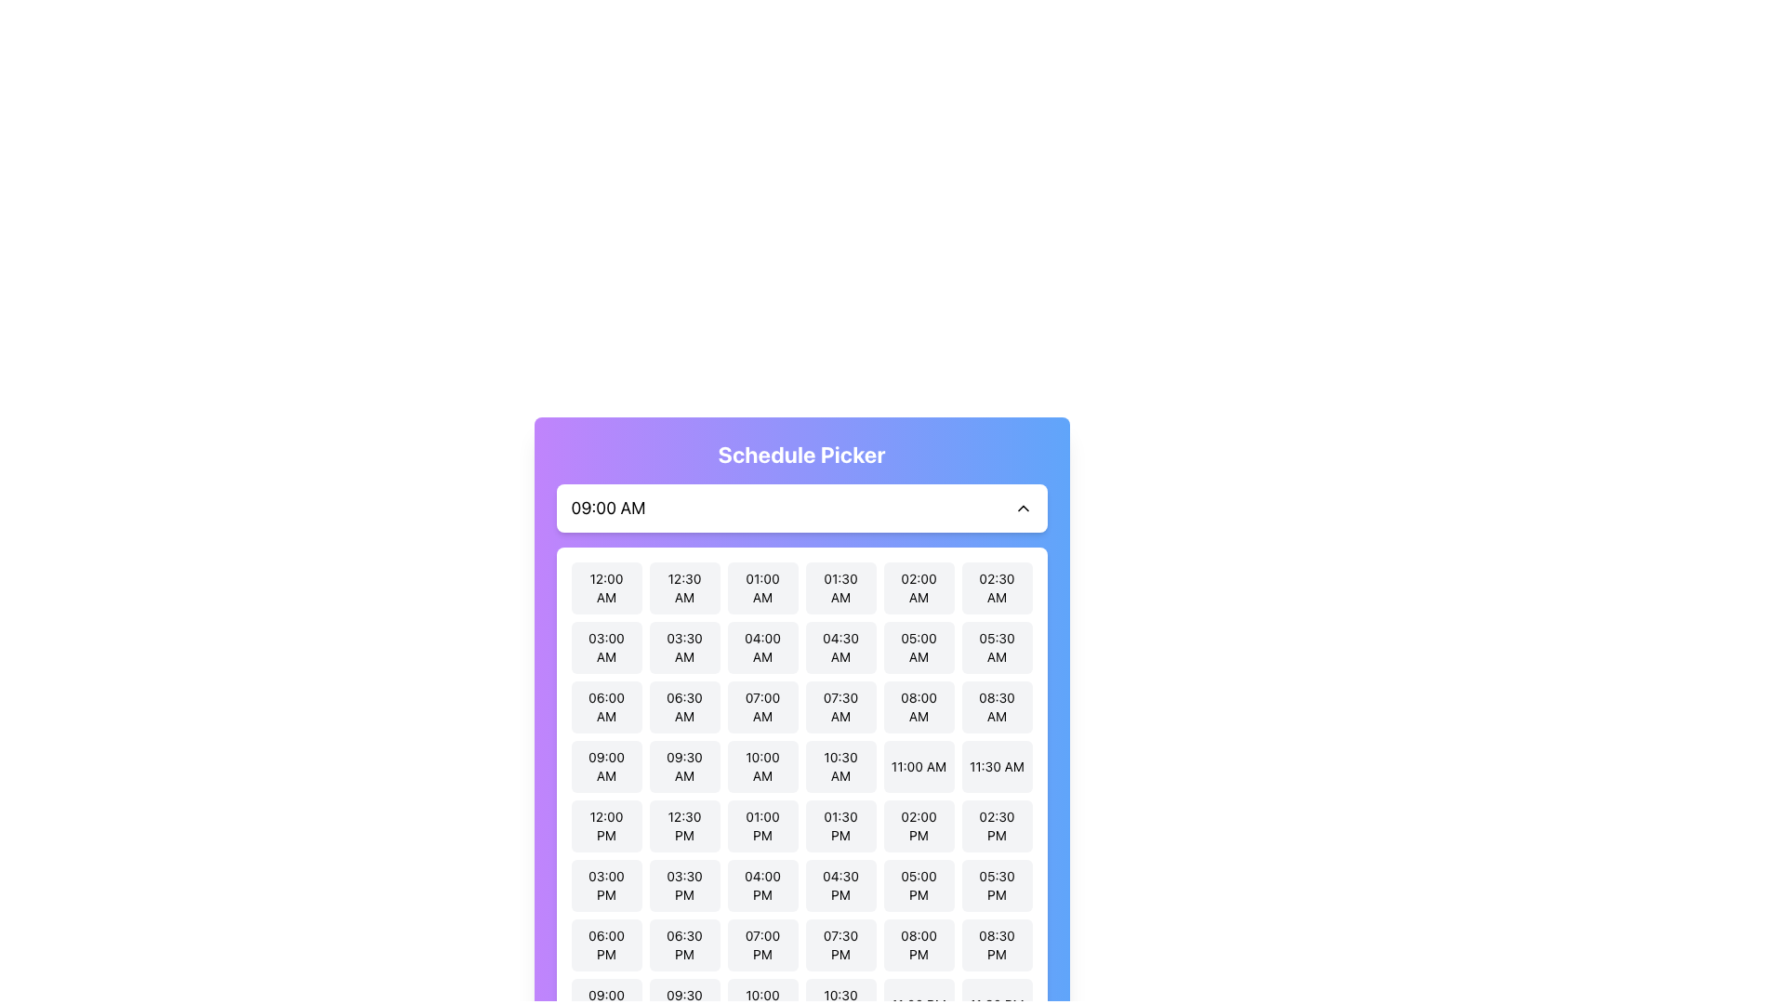  Describe the element at coordinates (683, 707) in the screenshot. I see `the button labeled '06:30 AM' to change its background color from light gray to purple` at that location.